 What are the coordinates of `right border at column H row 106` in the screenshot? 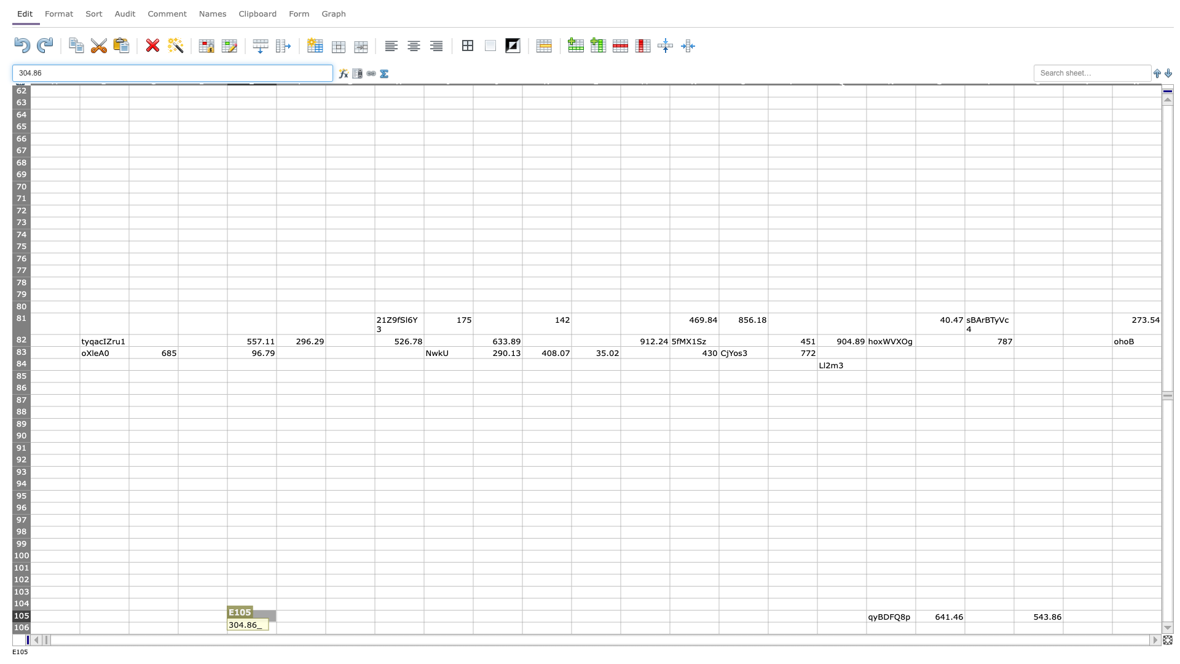 It's located at (424, 628).